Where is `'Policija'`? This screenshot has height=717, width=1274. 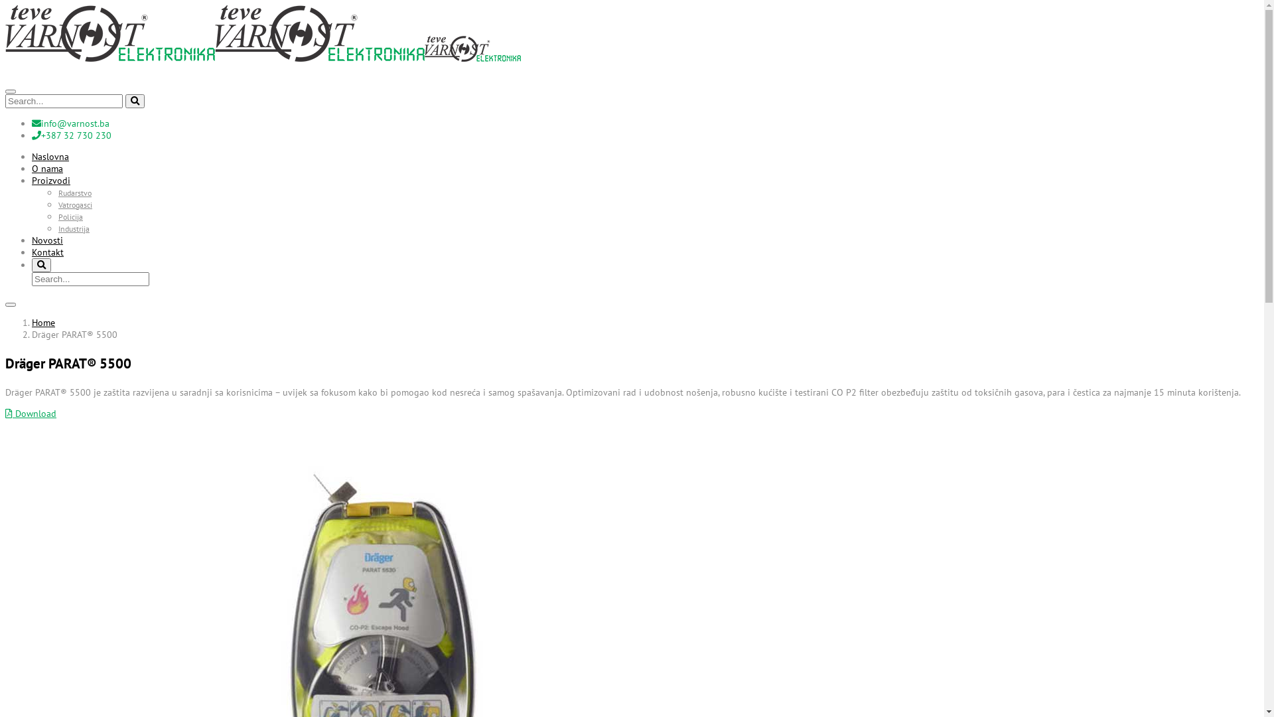
'Policija' is located at coordinates (70, 215).